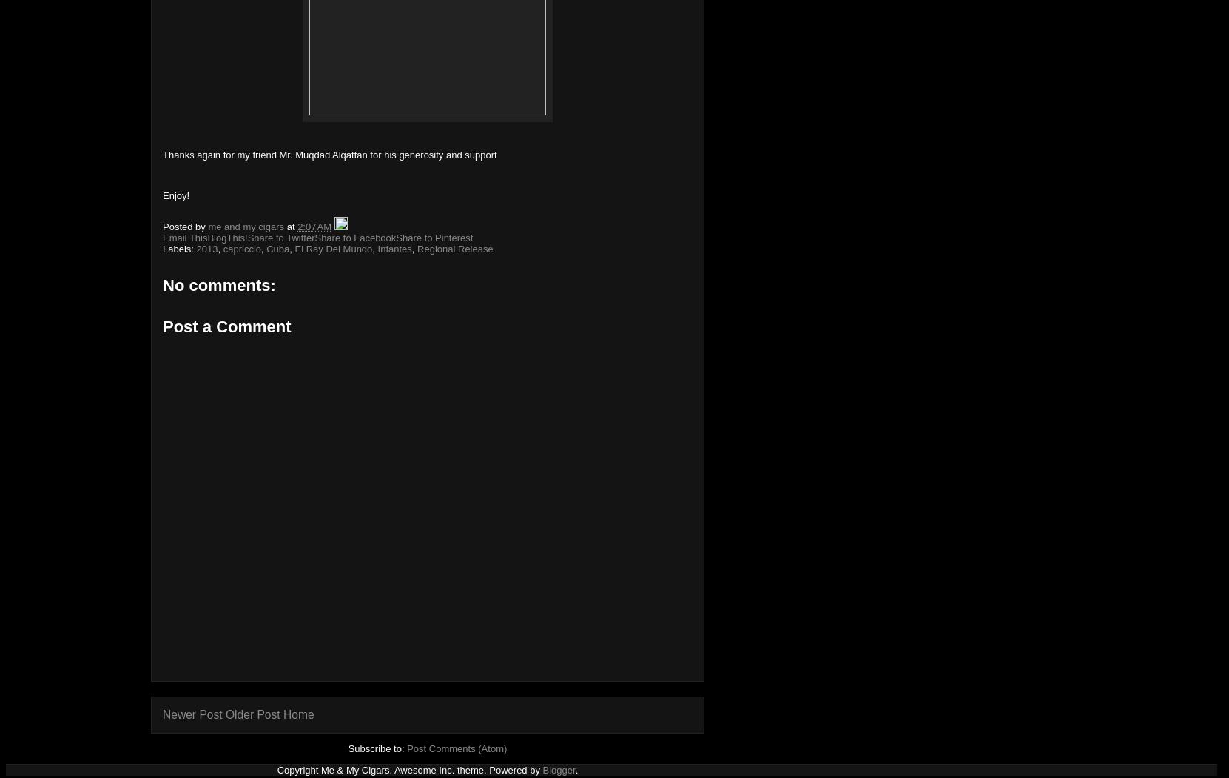 Image resolution: width=1229 pixels, height=778 pixels. I want to click on 'Enjoy!', so click(175, 195).